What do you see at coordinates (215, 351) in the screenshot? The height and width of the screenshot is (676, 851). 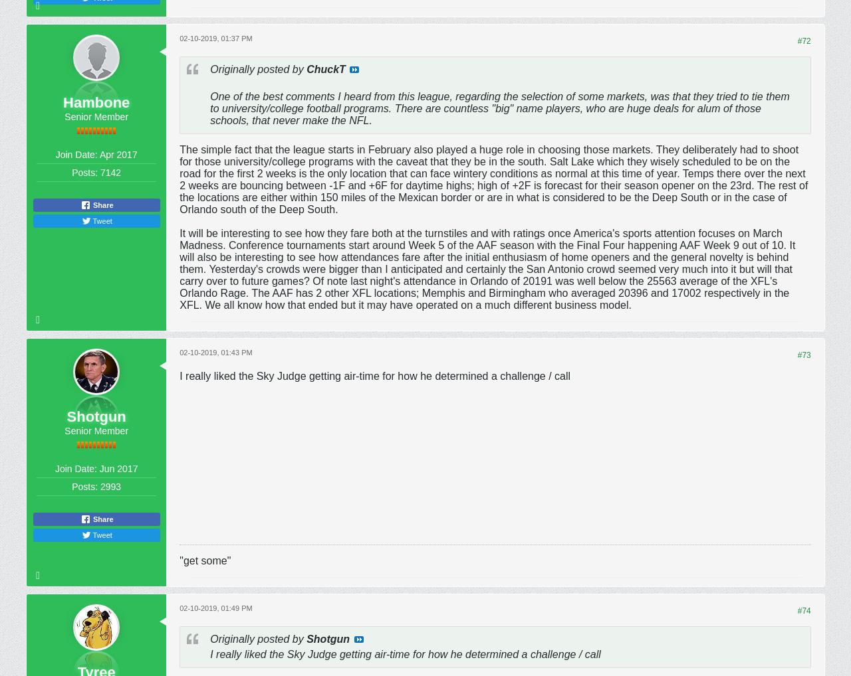 I see `'02-10-2019, 01:43 PM'` at bounding box center [215, 351].